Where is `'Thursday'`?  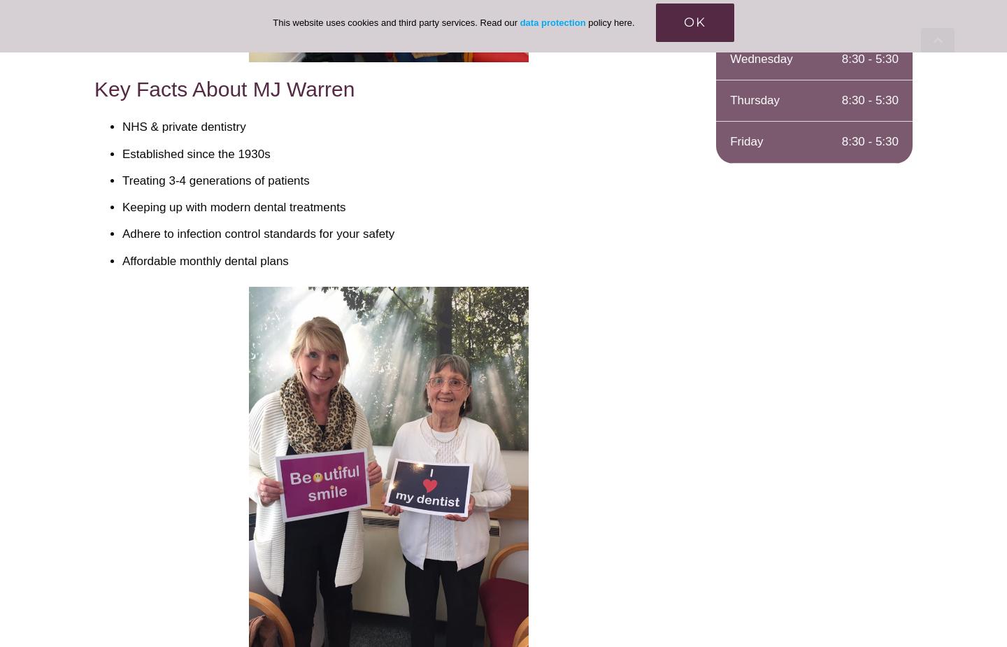 'Thursday' is located at coordinates (730, 99).